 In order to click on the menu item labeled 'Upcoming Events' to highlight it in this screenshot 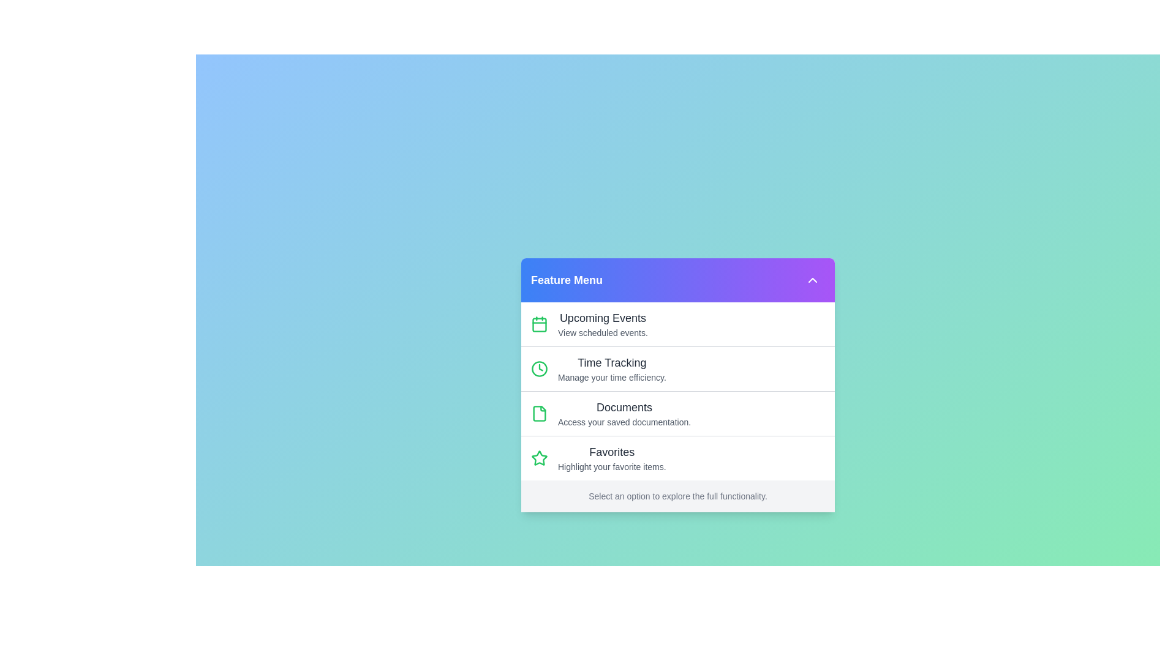, I will do `click(677, 323)`.